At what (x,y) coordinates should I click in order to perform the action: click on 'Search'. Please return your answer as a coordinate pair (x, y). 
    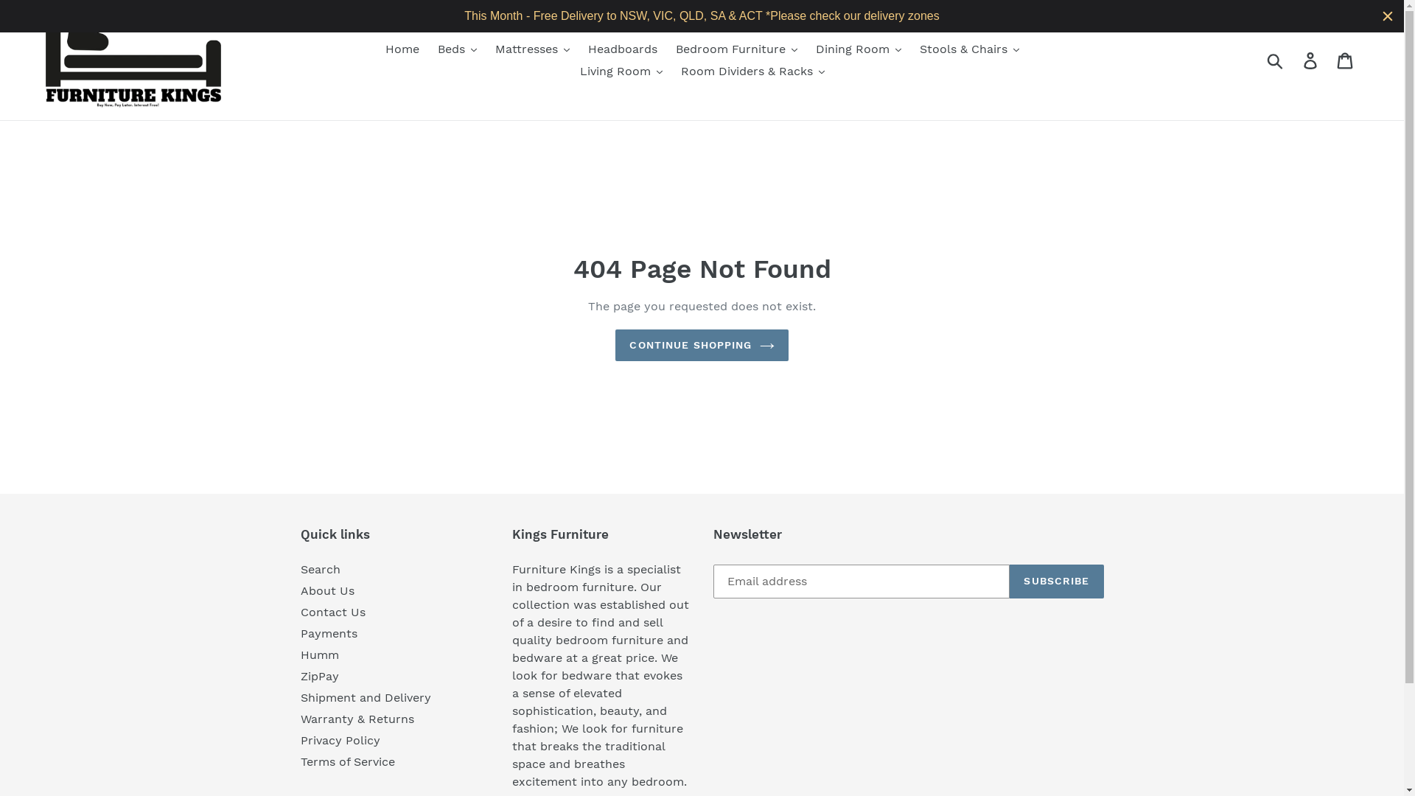
    Looking at the image, I should click on (320, 568).